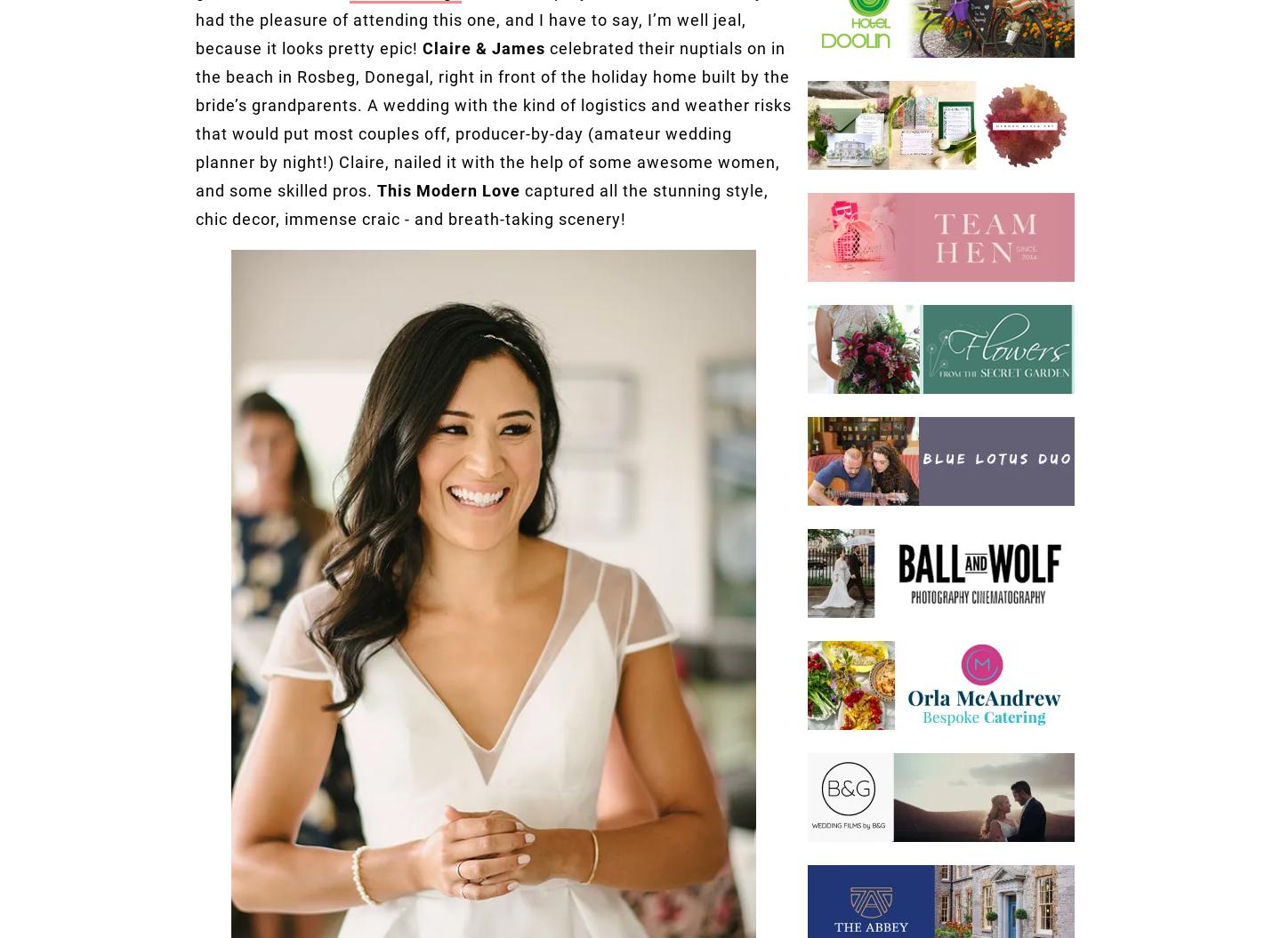  Describe the element at coordinates (734, 111) in the screenshot. I see `'Maje'` at that location.